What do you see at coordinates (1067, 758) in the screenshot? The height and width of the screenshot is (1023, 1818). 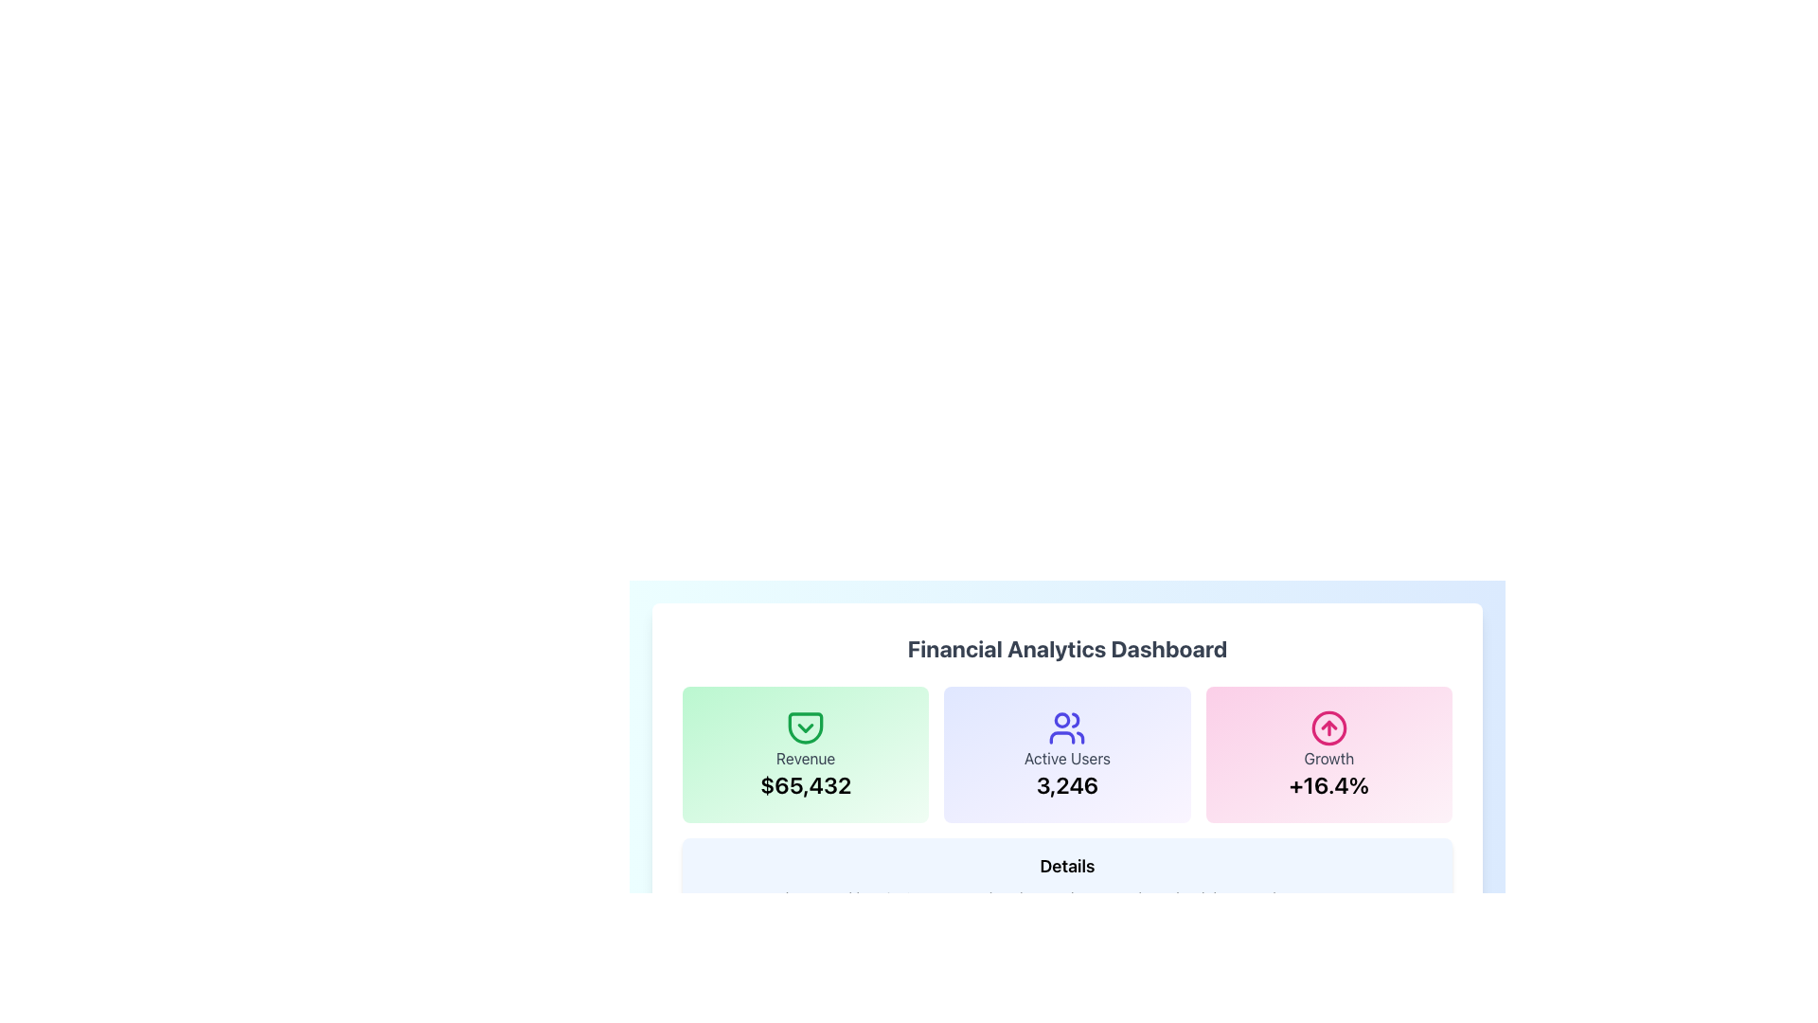 I see `the 'Active Users' label located in the middle card of the three horizontally arranged cards below the 'Financial Analytics Dashboard' header` at bounding box center [1067, 758].